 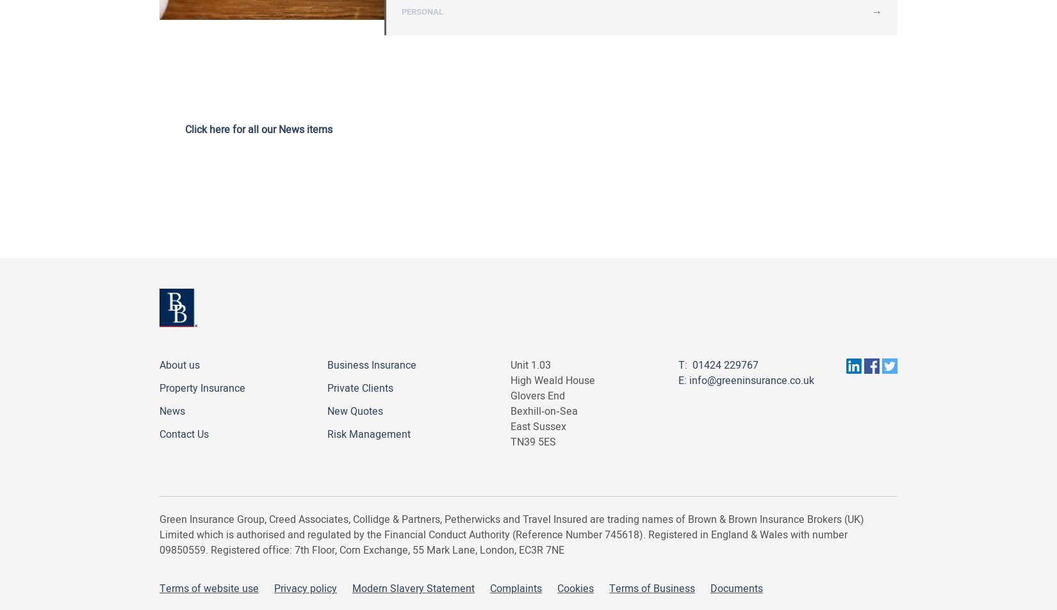 What do you see at coordinates (652, 589) in the screenshot?
I see `'Terms of Business'` at bounding box center [652, 589].